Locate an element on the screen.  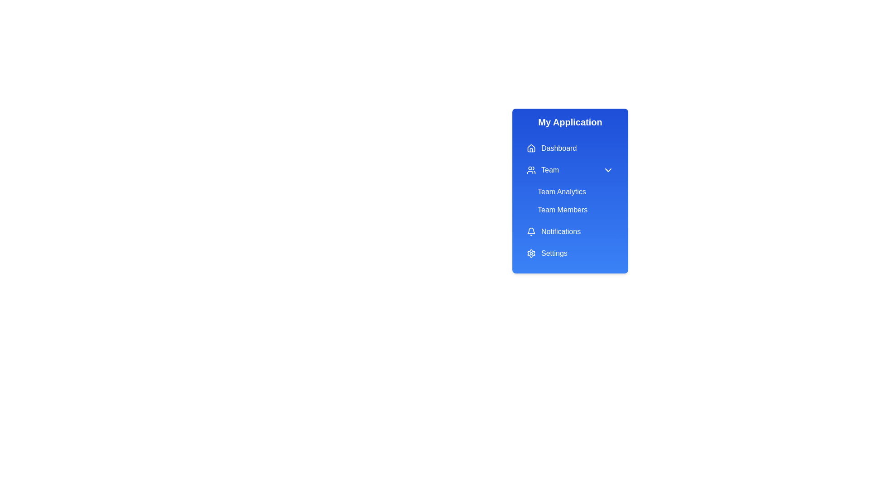
the bell icon located in the left panel of the interface next to the 'Notifications' label is located at coordinates (531, 231).